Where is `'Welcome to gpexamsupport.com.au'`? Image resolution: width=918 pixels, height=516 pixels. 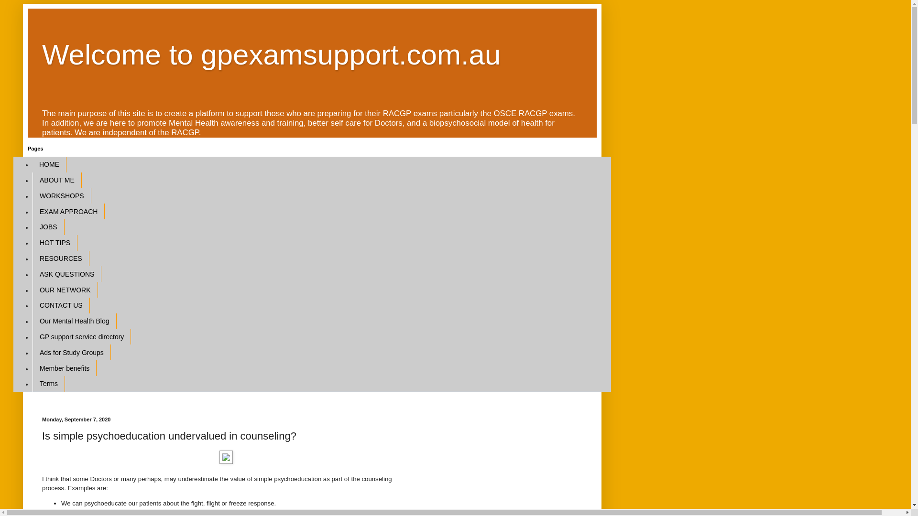 'Welcome to gpexamsupport.com.au' is located at coordinates (271, 54).